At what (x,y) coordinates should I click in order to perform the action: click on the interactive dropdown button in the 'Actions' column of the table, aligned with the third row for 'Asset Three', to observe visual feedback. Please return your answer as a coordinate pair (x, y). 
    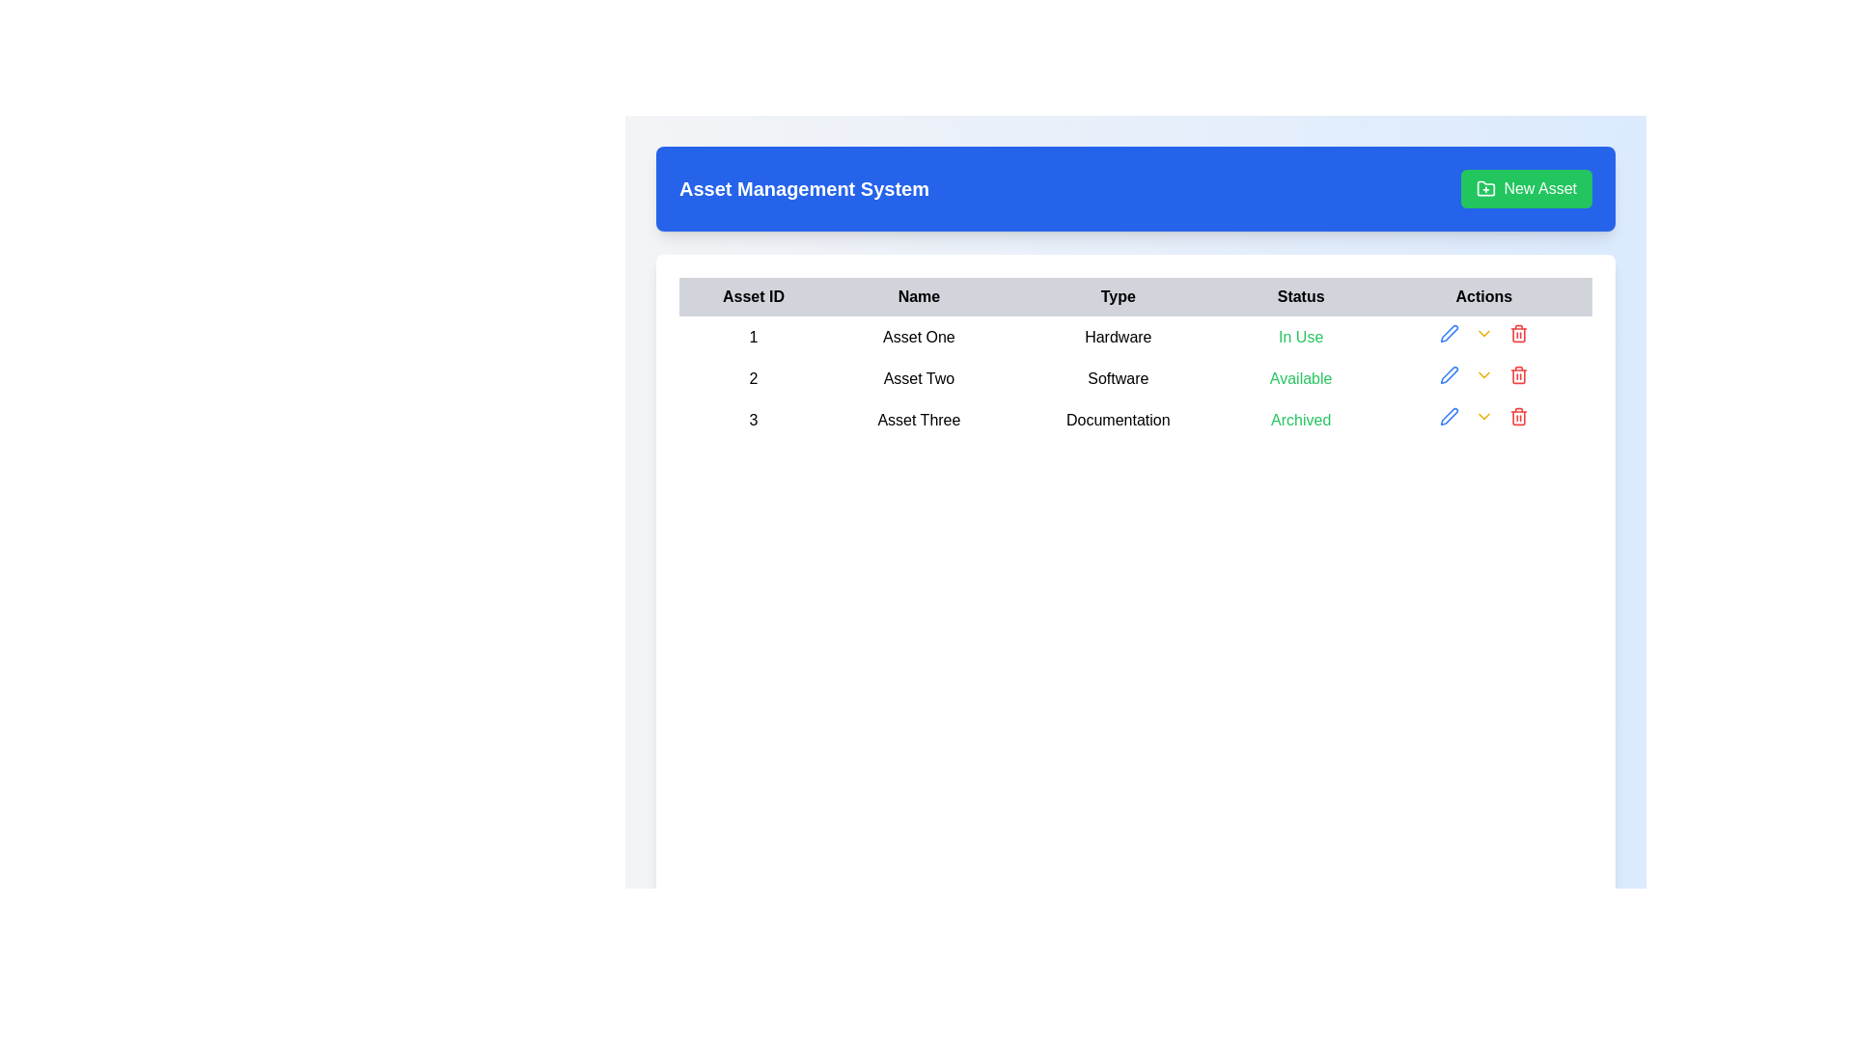
    Looking at the image, I should click on (1482, 416).